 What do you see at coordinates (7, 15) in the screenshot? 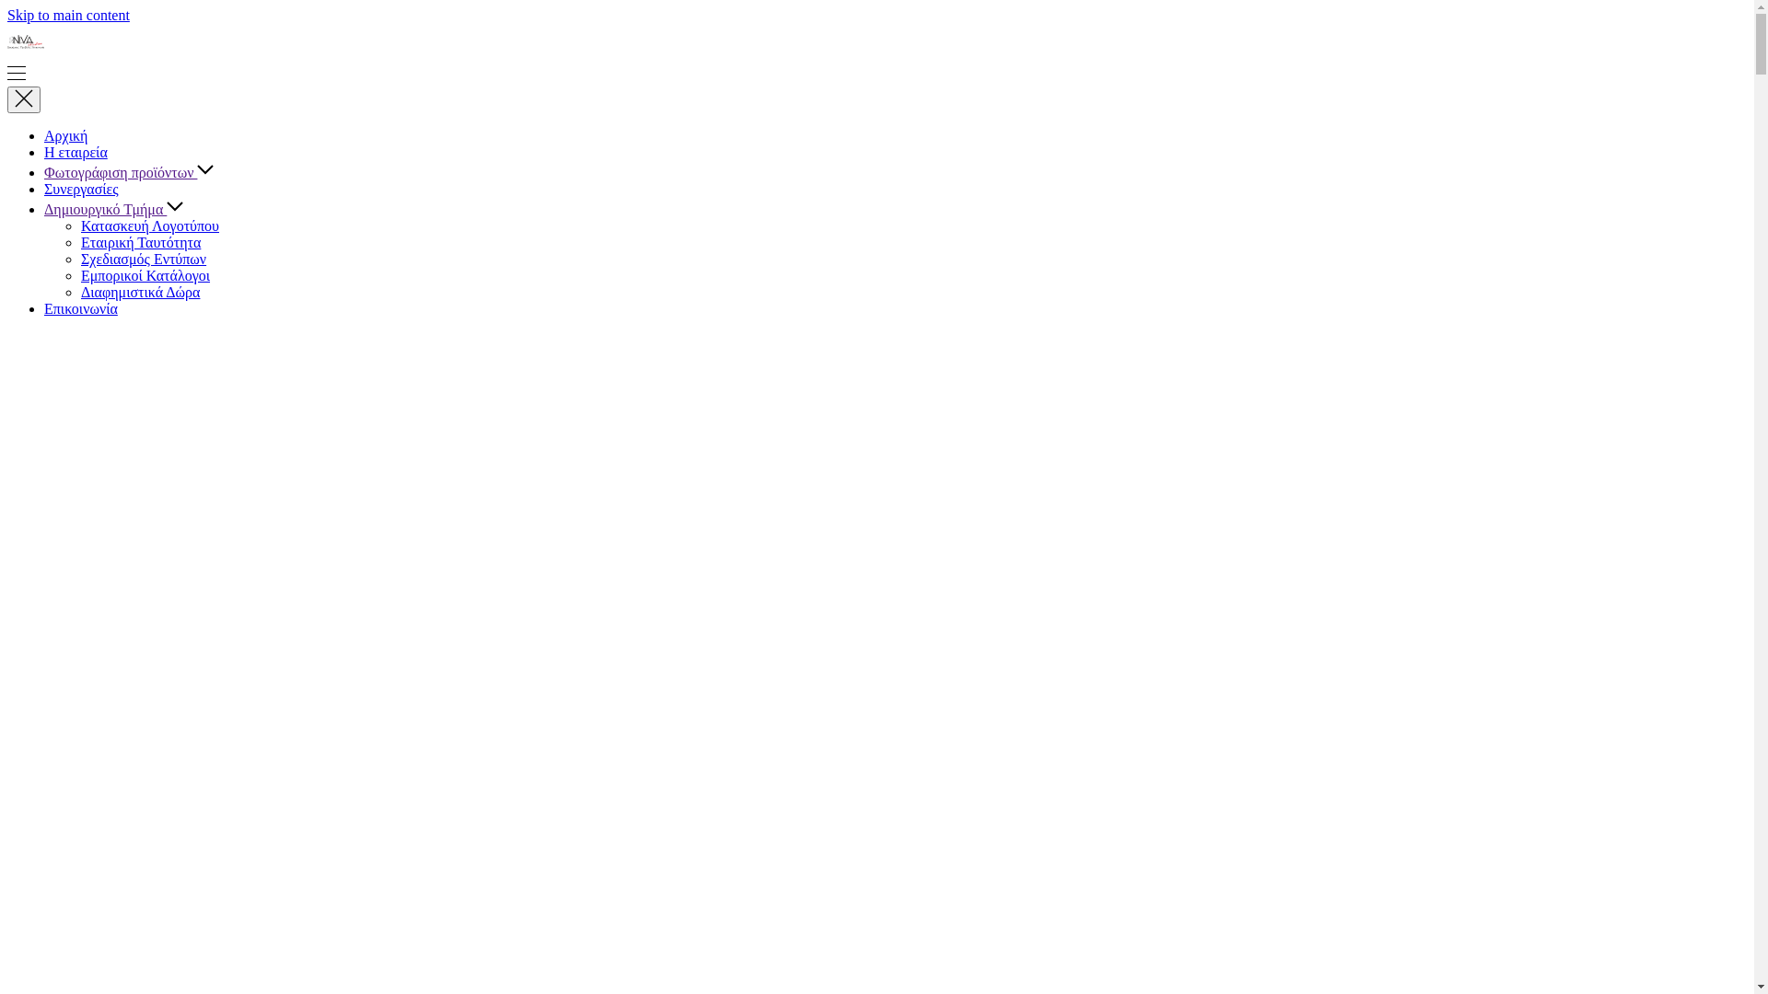
I see `'Skip to main content'` at bounding box center [7, 15].